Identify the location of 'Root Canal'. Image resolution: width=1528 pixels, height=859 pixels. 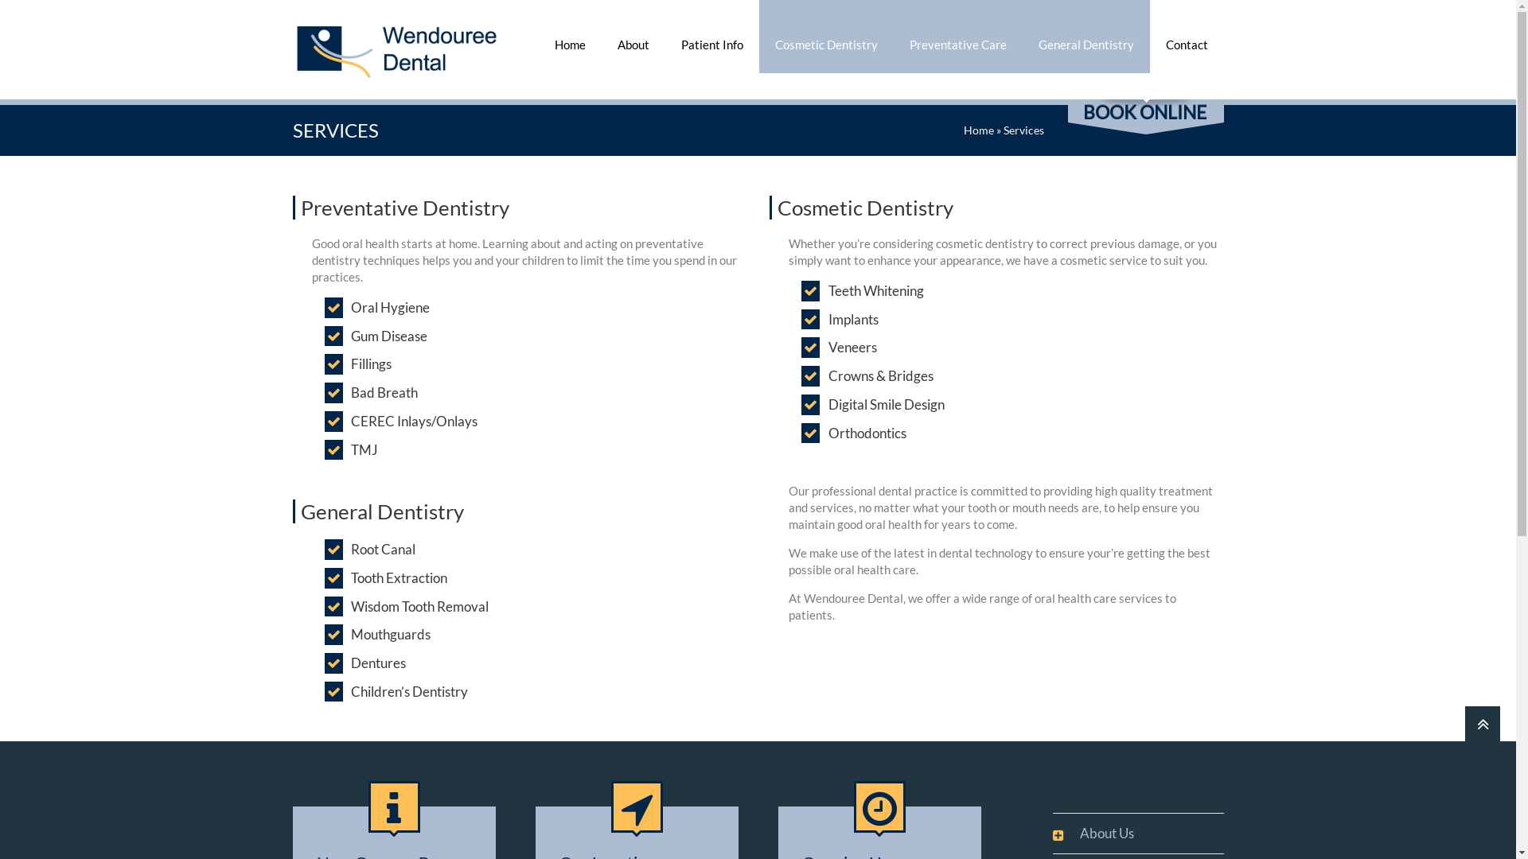
(350, 548).